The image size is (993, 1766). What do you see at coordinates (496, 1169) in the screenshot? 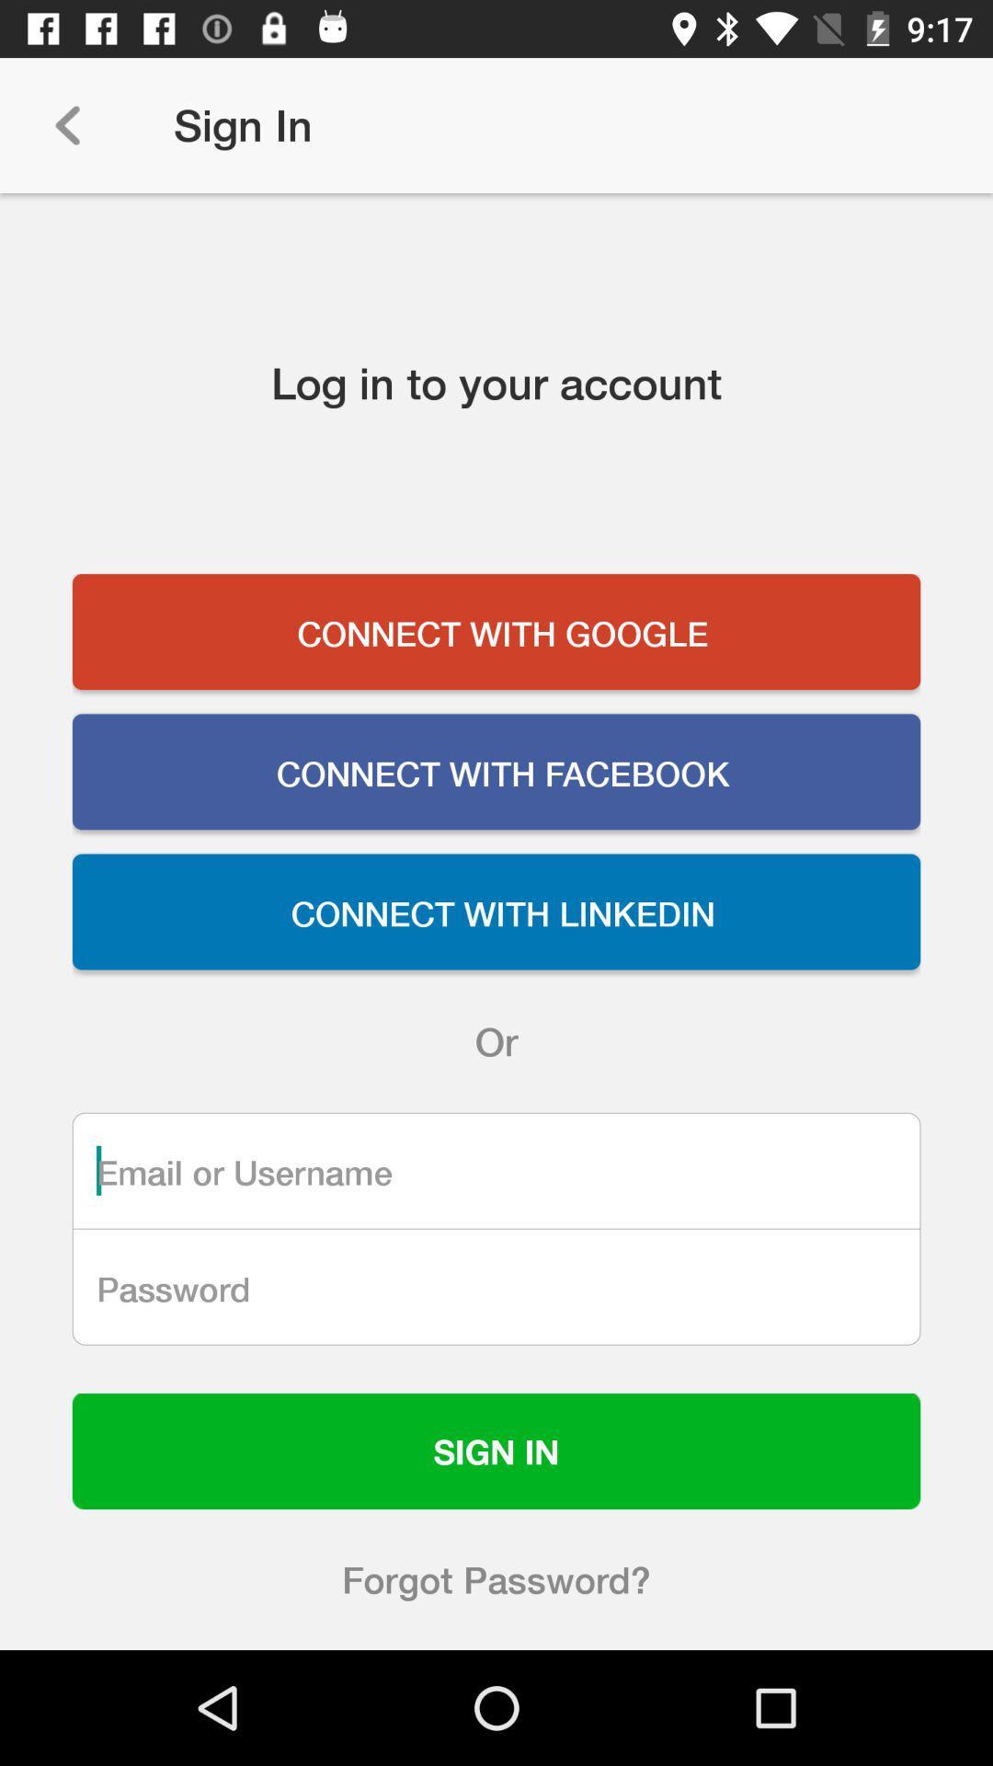
I see `username` at bounding box center [496, 1169].